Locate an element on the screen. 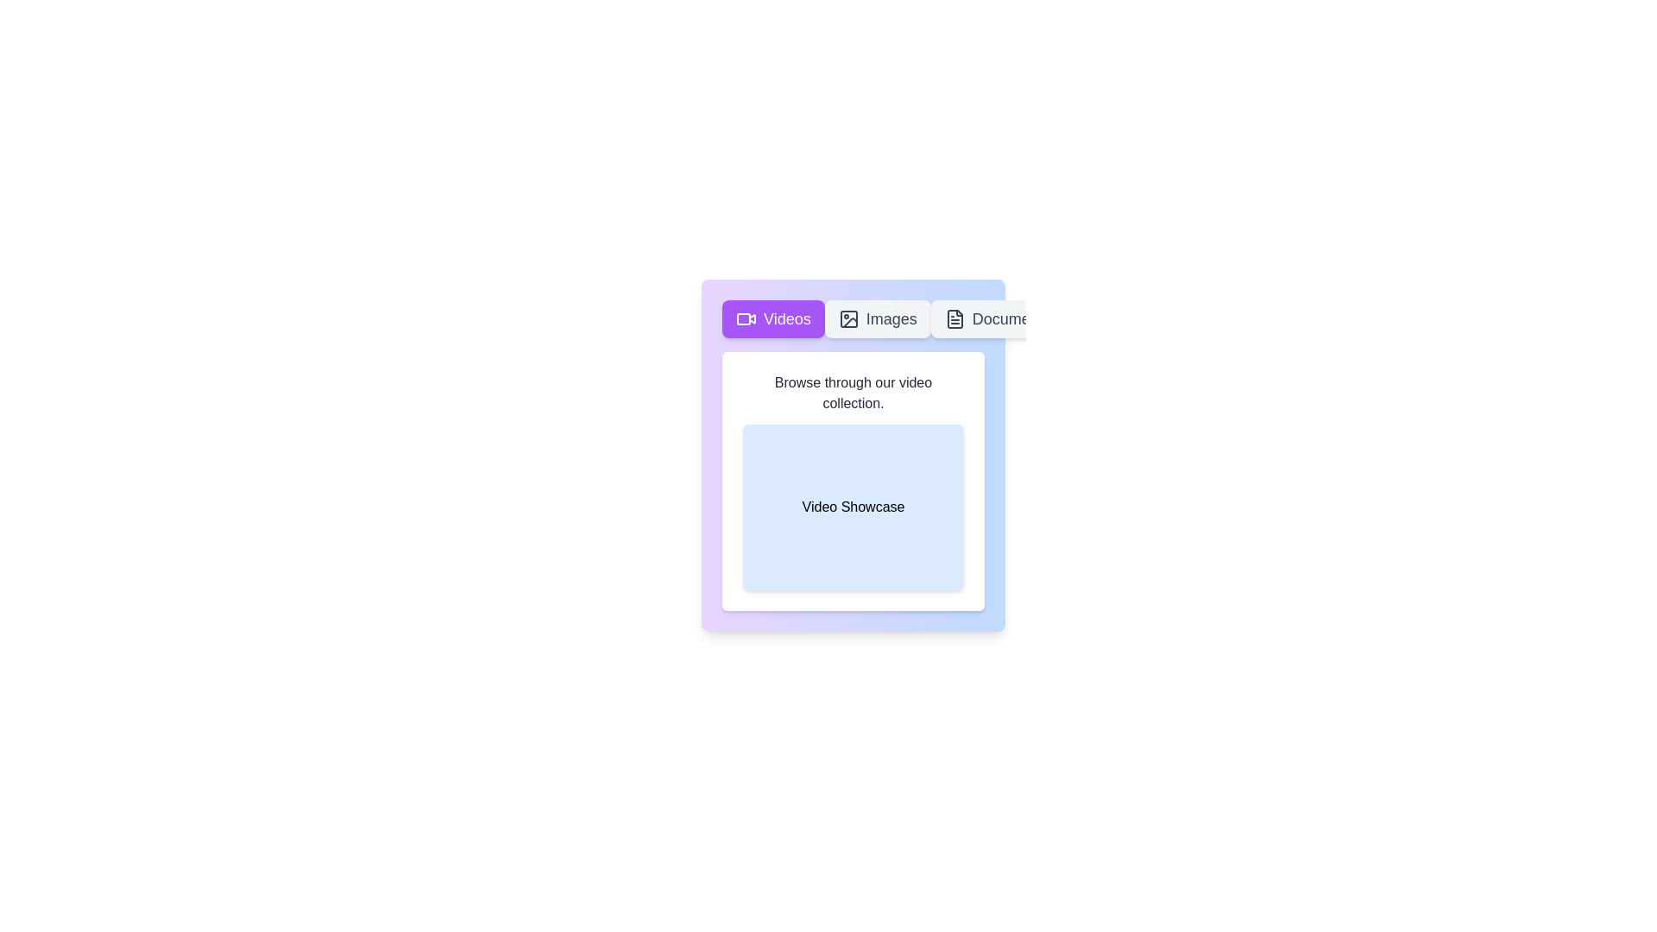 The height and width of the screenshot is (932, 1657). the SVG rectangle with rounded corners that represents the 'Videos' tab, located at the uppermost part of the interface is located at coordinates (744, 319).